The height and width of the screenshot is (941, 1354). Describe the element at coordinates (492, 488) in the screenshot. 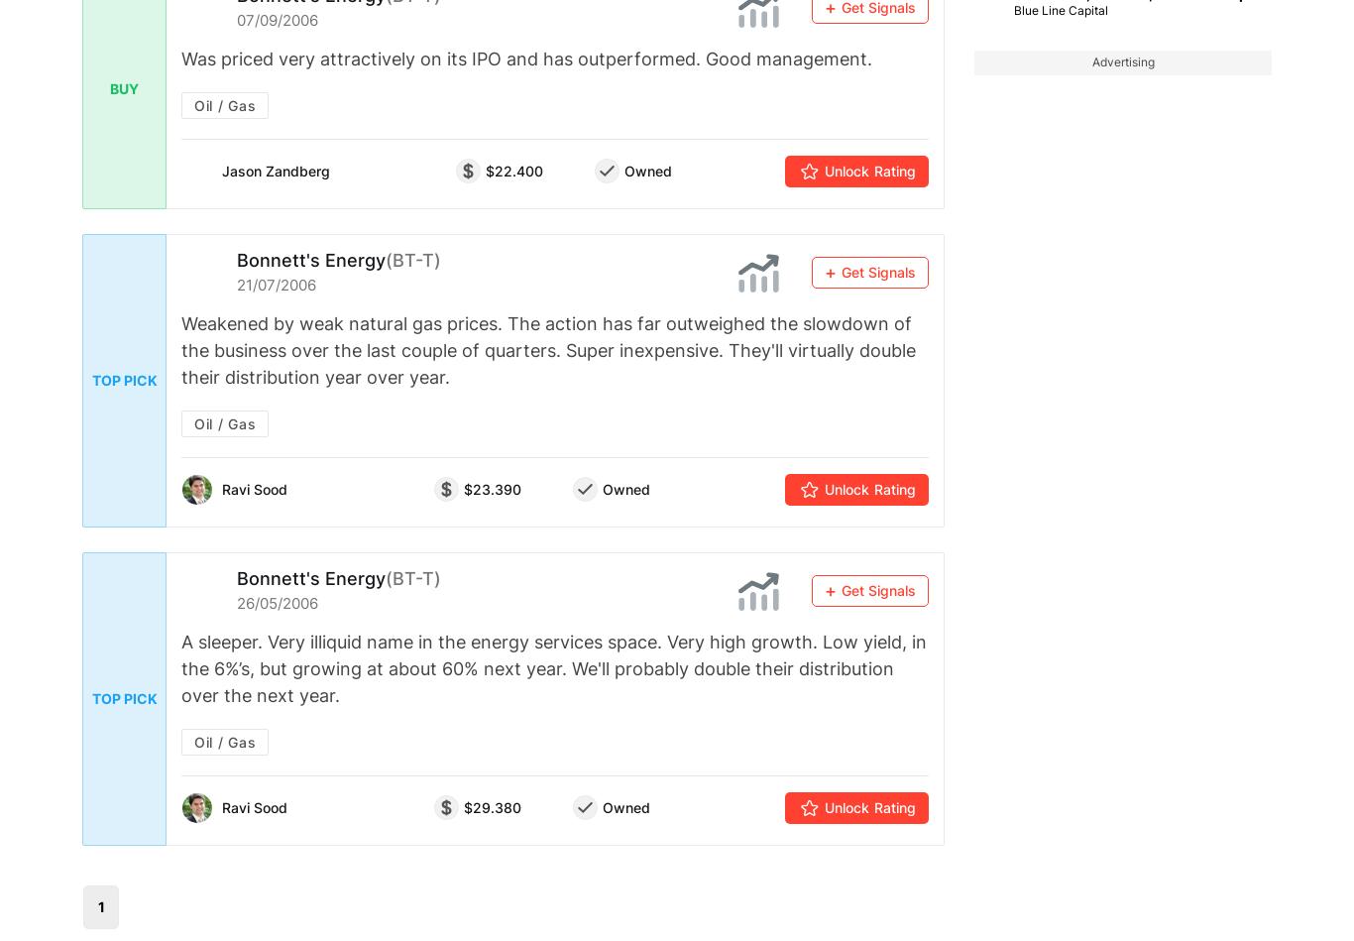

I see `'$23.390'` at that location.